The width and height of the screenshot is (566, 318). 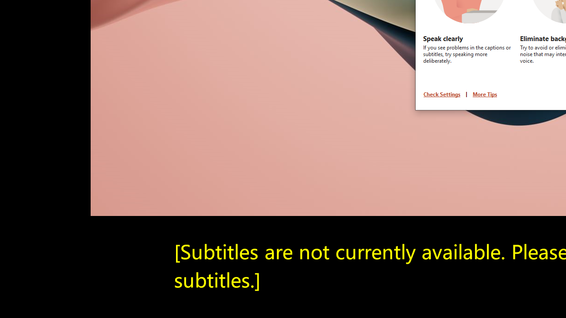 I want to click on 'More Tips', so click(x=484, y=94).